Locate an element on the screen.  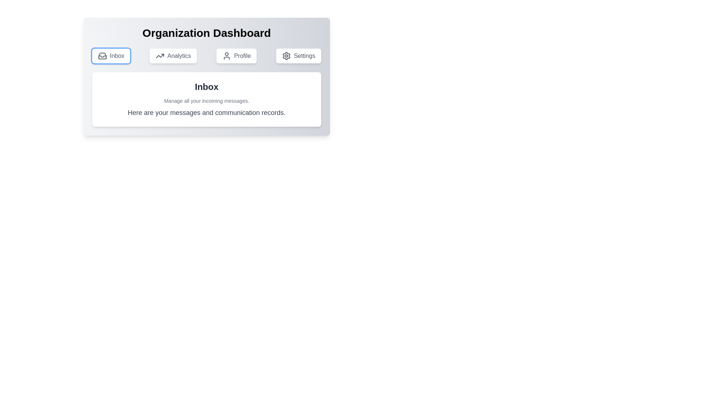
the 'Settings' button, which is a rectangular button with a cogwheel icon and dark gray text, located as the fourth button in a horizontal navigation row is located at coordinates (299, 55).